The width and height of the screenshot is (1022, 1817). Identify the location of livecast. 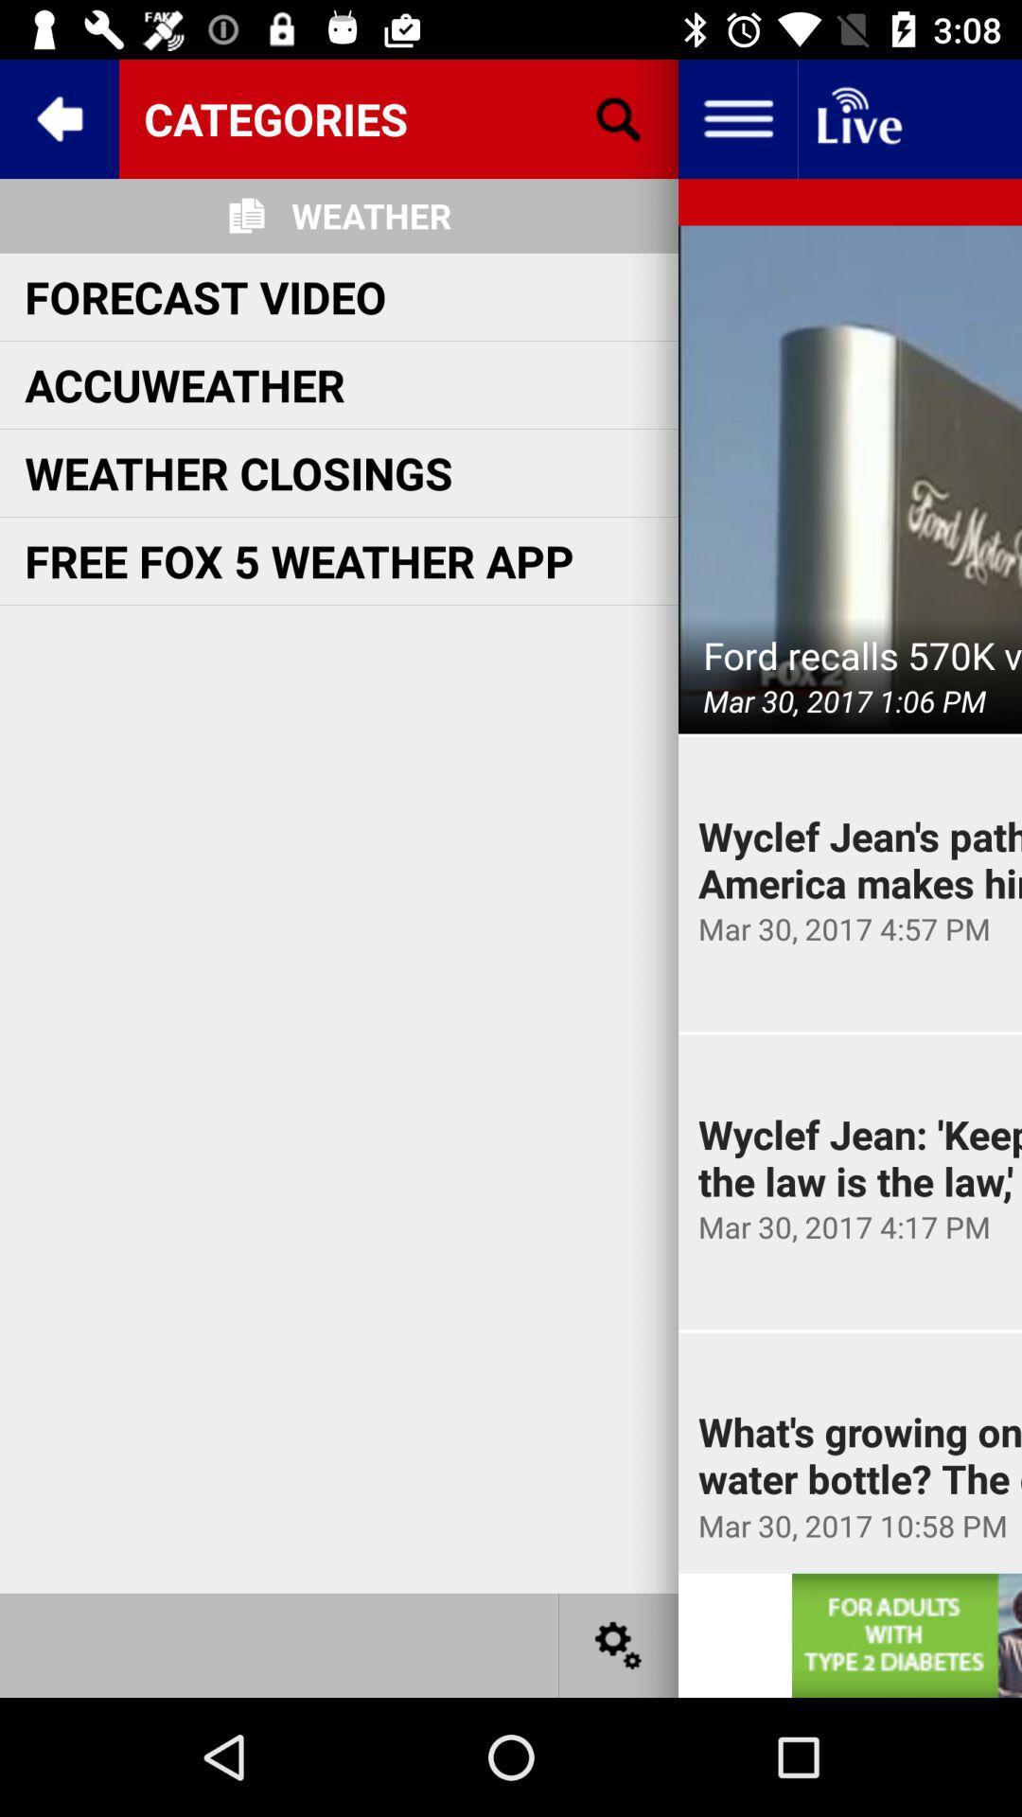
(857, 117).